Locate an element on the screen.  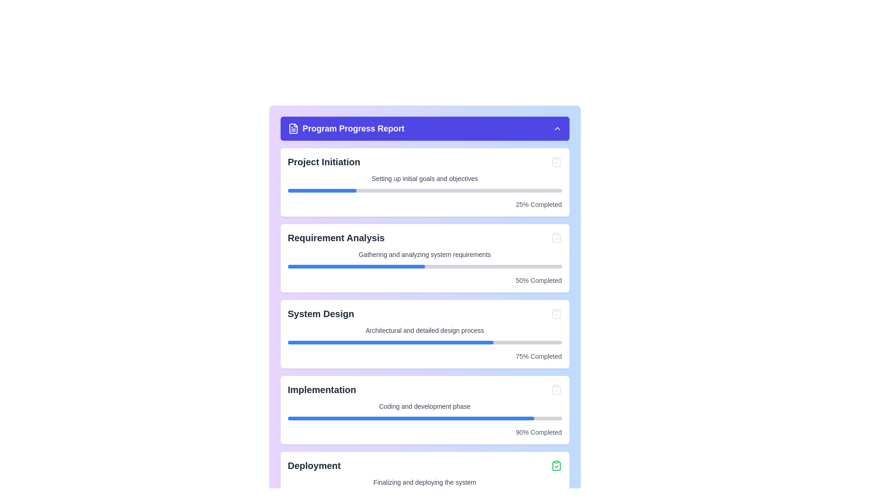
progress bar of the Info card that describes the 'System Design' phase in the project, located centrally in the third section of the vertical layout is located at coordinates (424, 334).